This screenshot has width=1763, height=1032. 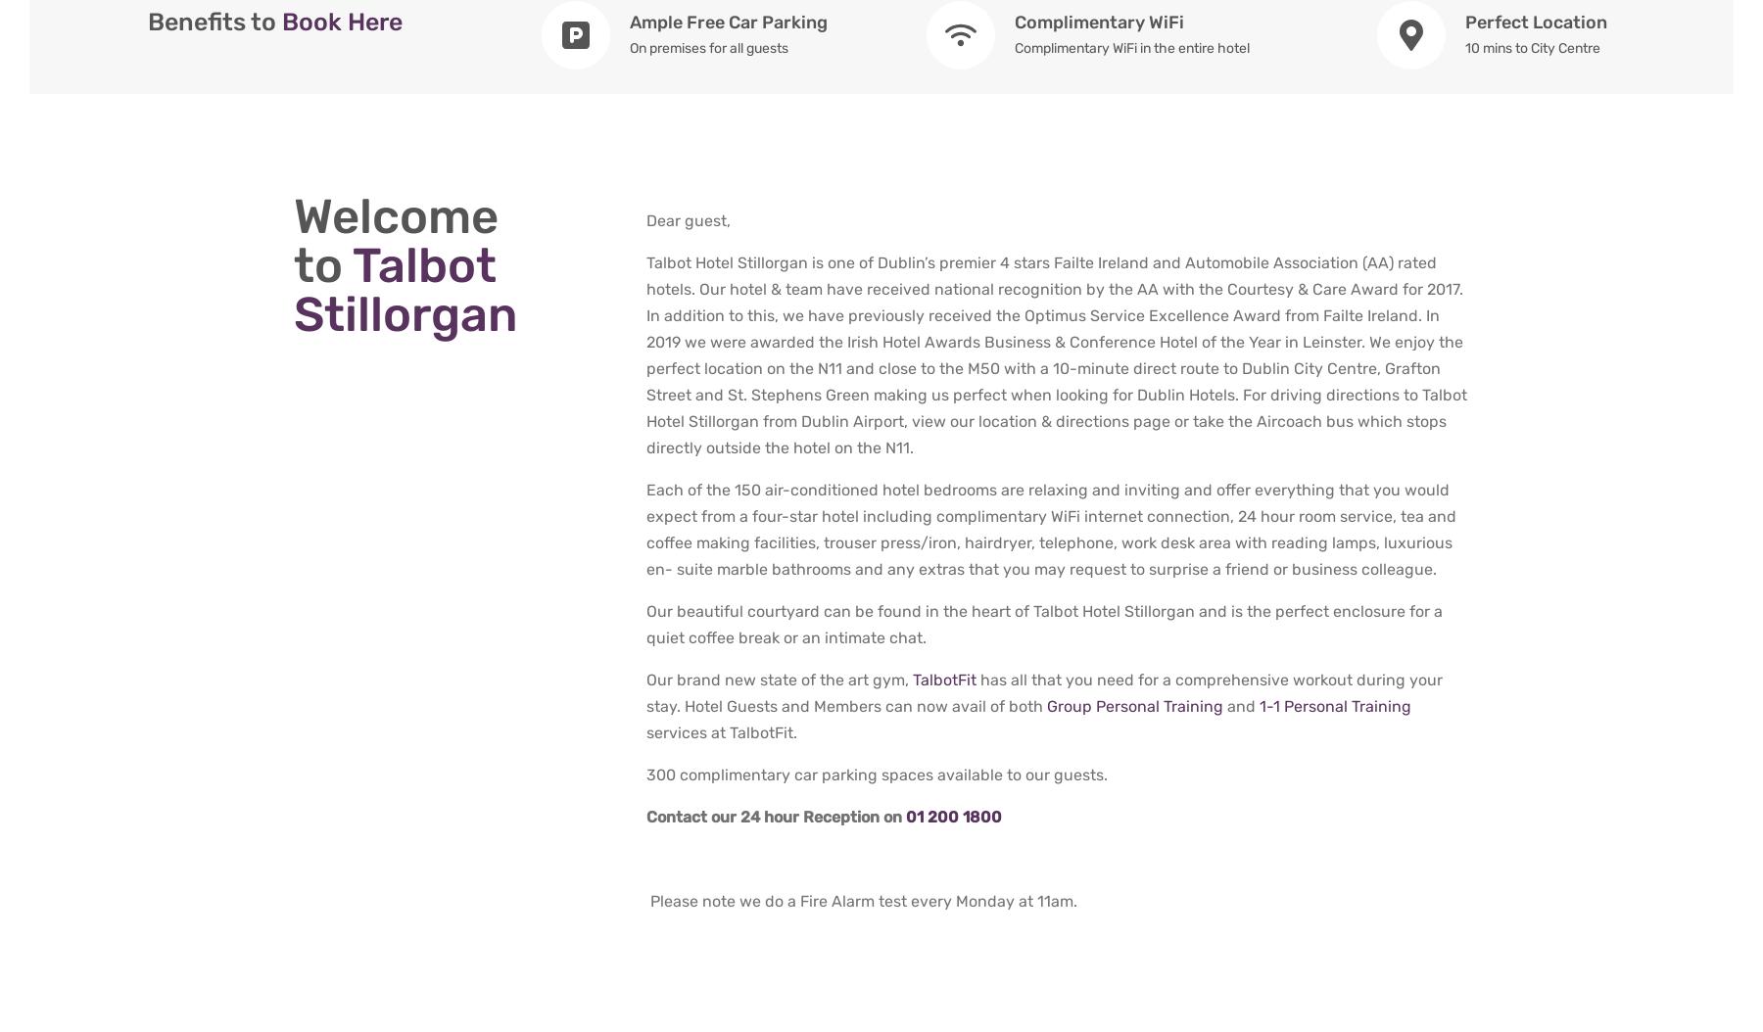 I want to click on 'Talbot Stillorgan', so click(x=405, y=288).